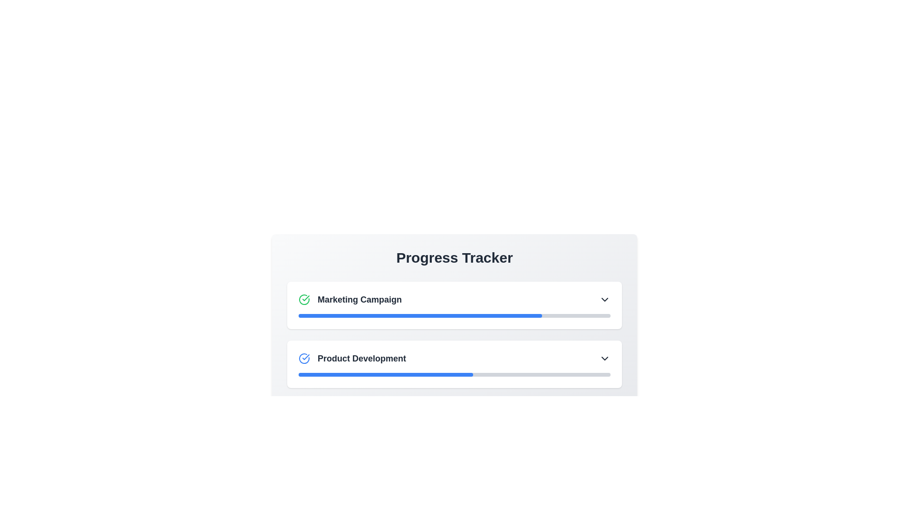 This screenshot has height=513, width=913. What do you see at coordinates (604, 359) in the screenshot?
I see `the dropdown indicator icon located on the far-right side of the 'Product Development' section` at bounding box center [604, 359].